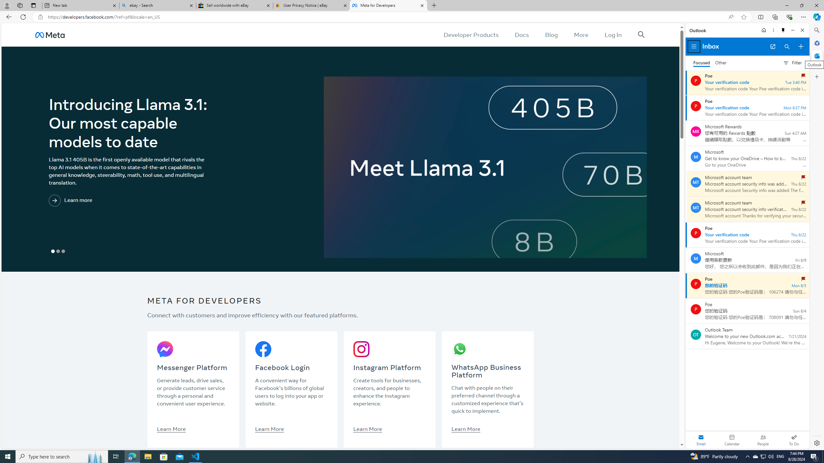  What do you see at coordinates (581, 34) in the screenshot?
I see `'More'` at bounding box center [581, 34].